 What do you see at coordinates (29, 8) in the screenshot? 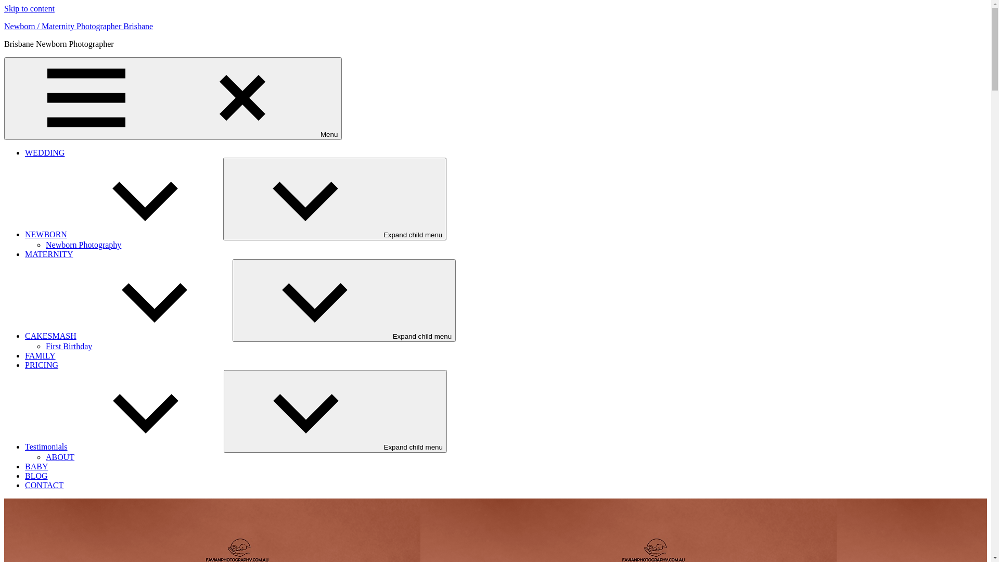
I see `'Skip to content'` at bounding box center [29, 8].